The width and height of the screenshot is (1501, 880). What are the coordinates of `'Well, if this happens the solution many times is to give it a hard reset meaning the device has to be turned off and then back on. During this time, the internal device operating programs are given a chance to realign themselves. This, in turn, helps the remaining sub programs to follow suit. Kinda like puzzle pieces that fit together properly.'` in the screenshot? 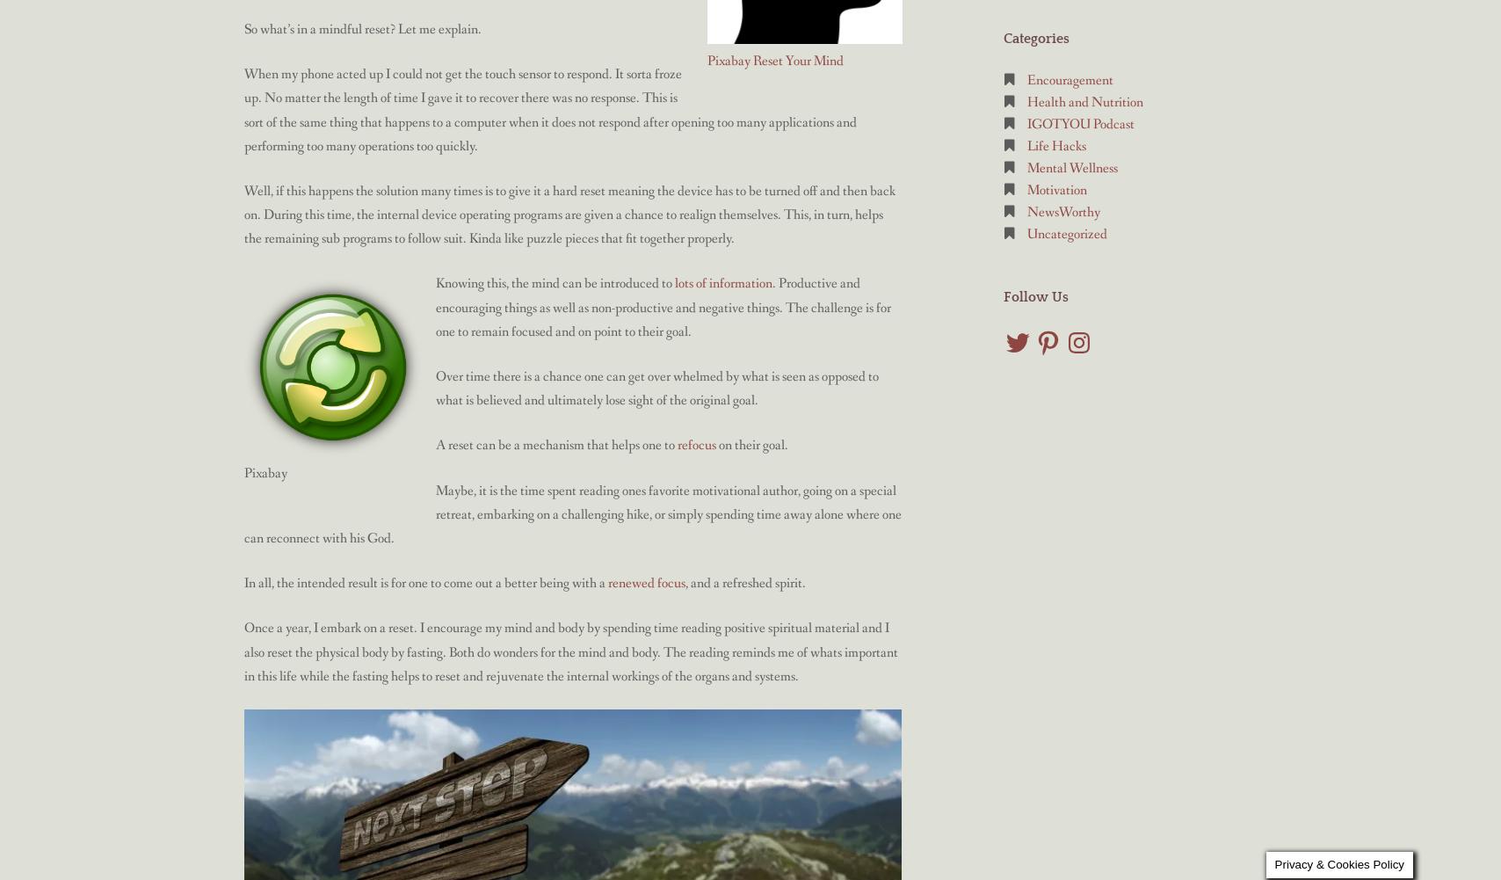 It's located at (569, 214).